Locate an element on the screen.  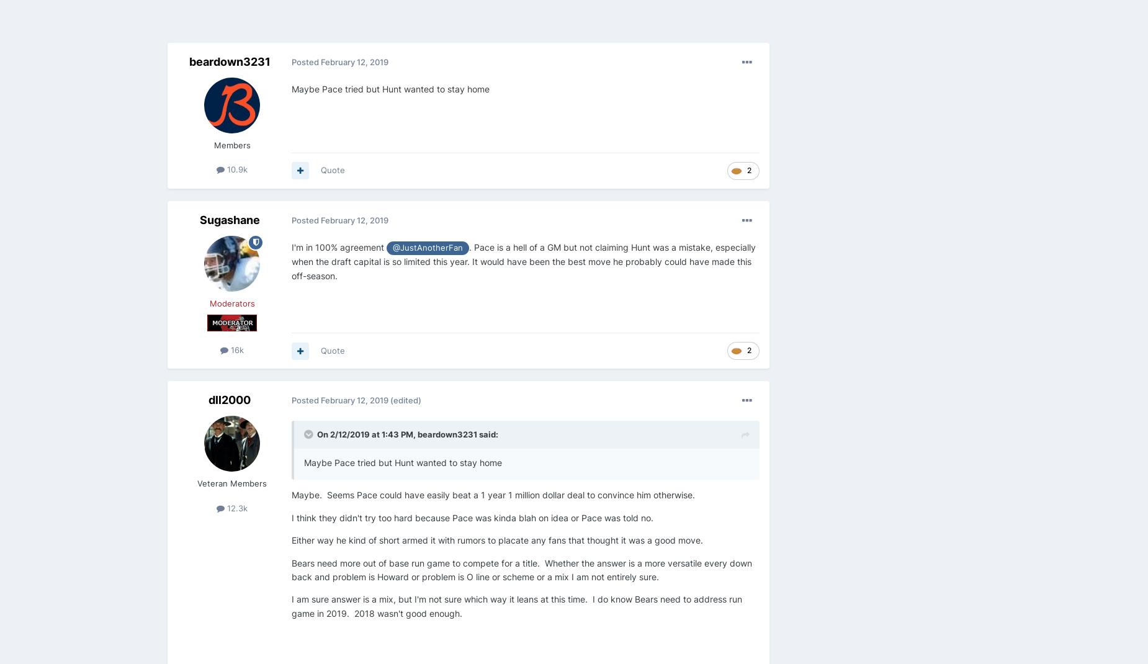
'Sugashane' is located at coordinates (228, 219).